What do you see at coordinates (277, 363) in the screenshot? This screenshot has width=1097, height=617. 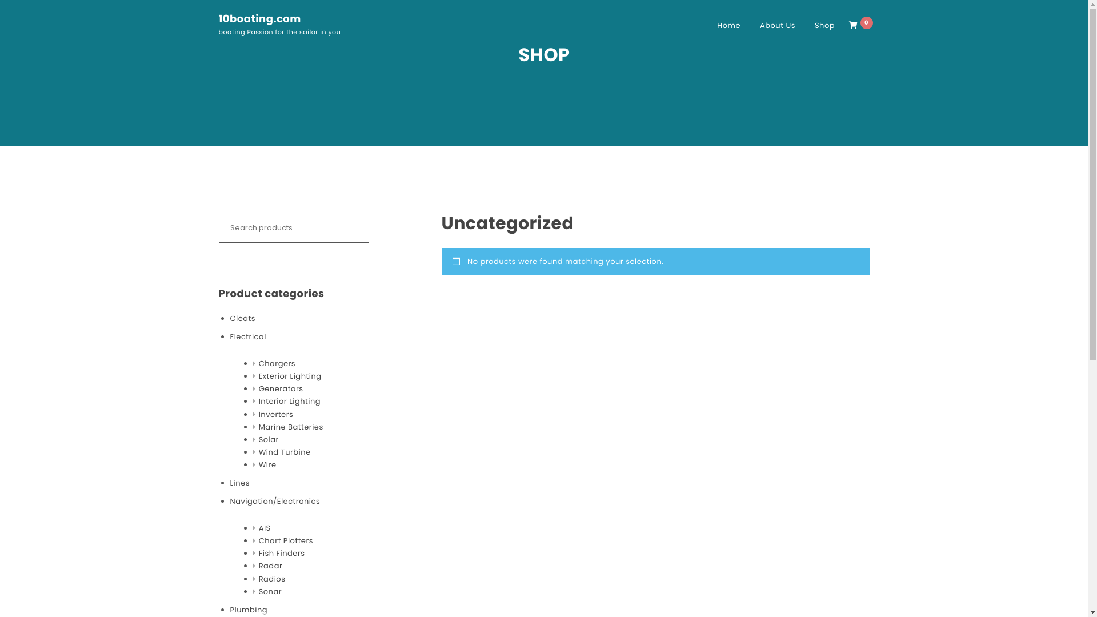 I see `'Chargers'` at bounding box center [277, 363].